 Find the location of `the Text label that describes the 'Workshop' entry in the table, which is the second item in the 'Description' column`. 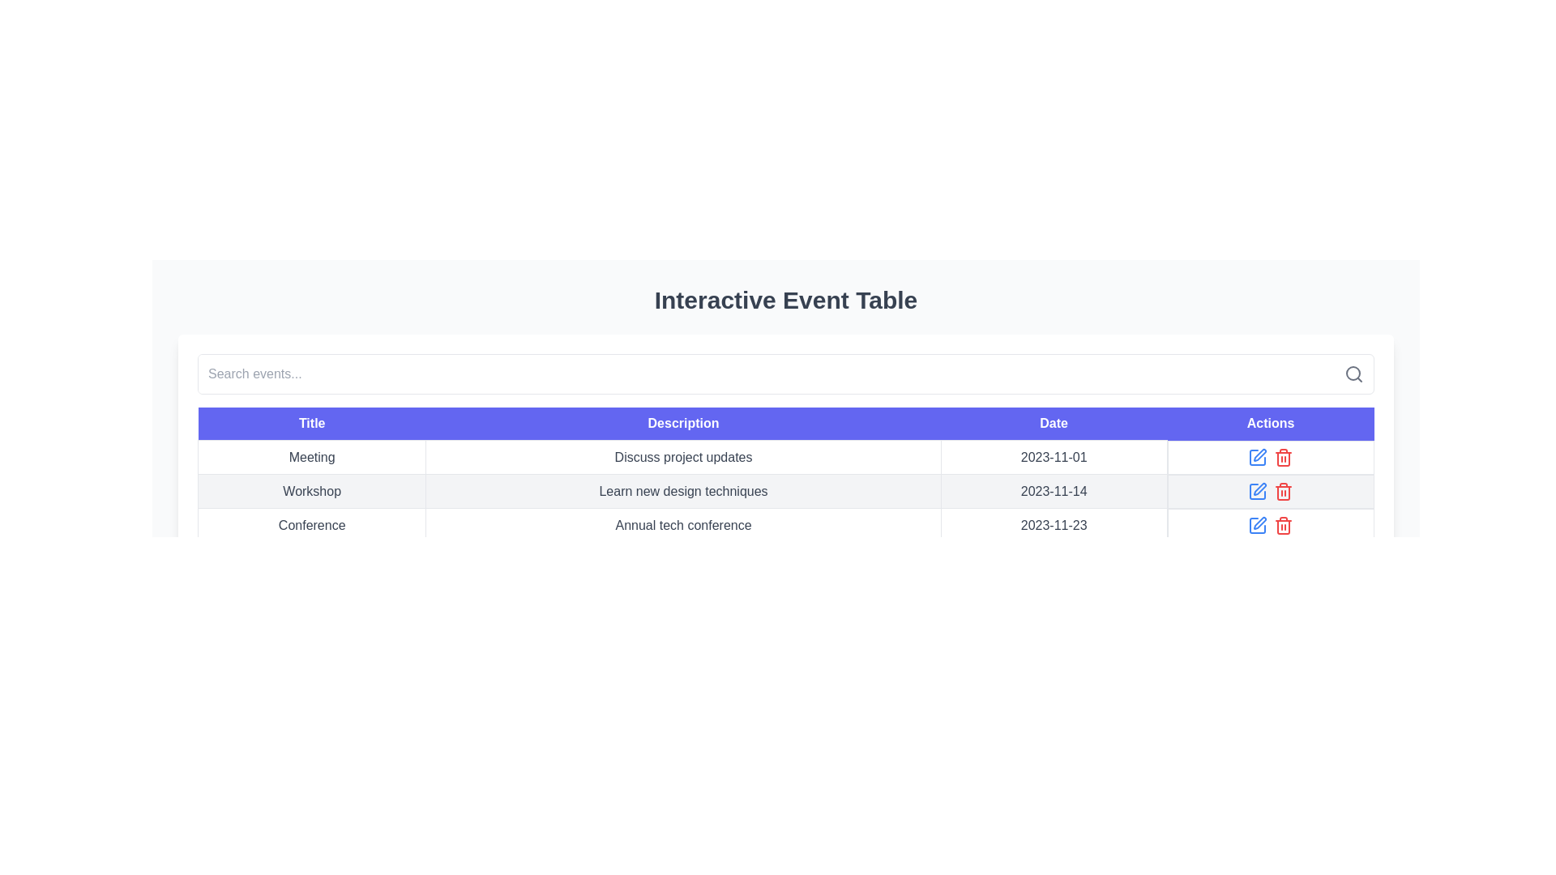

the Text label that describes the 'Workshop' entry in the table, which is the second item in the 'Description' column is located at coordinates (683, 490).